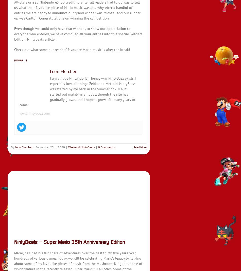  Describe the element at coordinates (69, 242) in the screenshot. I see `'NintyBeats – Super Mario 35th Anniversary Edition'` at that location.